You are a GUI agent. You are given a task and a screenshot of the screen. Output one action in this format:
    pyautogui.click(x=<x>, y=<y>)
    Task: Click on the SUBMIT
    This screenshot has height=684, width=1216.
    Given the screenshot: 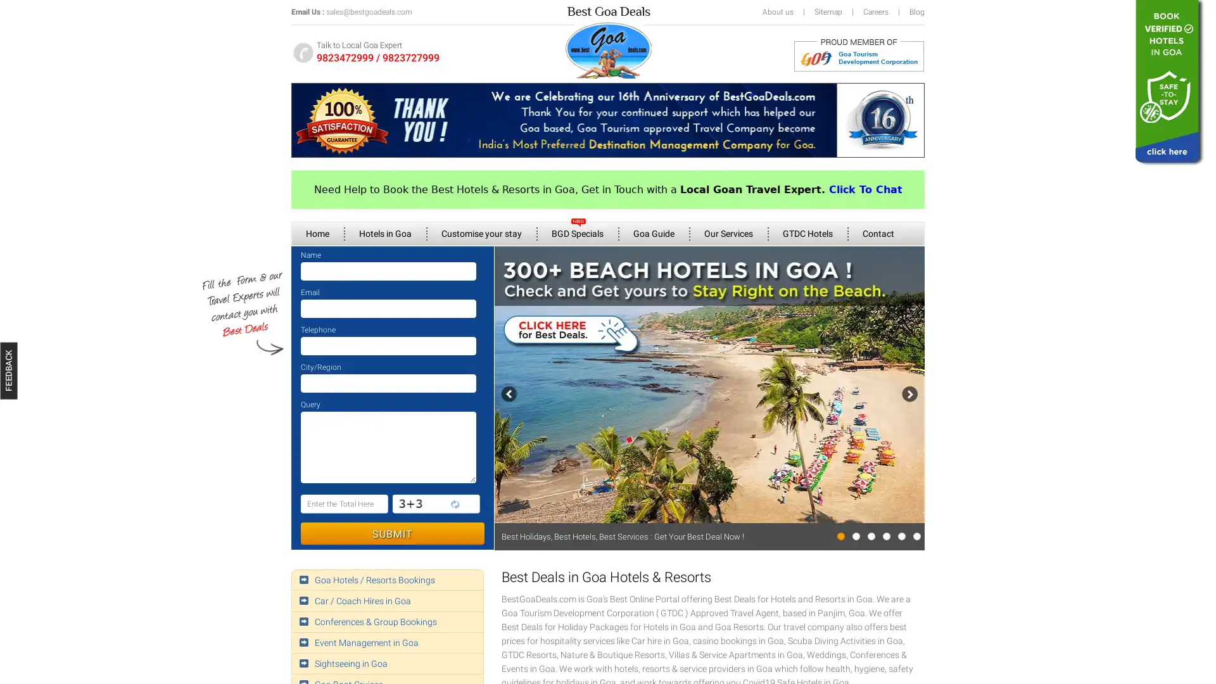 What is the action you would take?
    pyautogui.click(x=391, y=533)
    